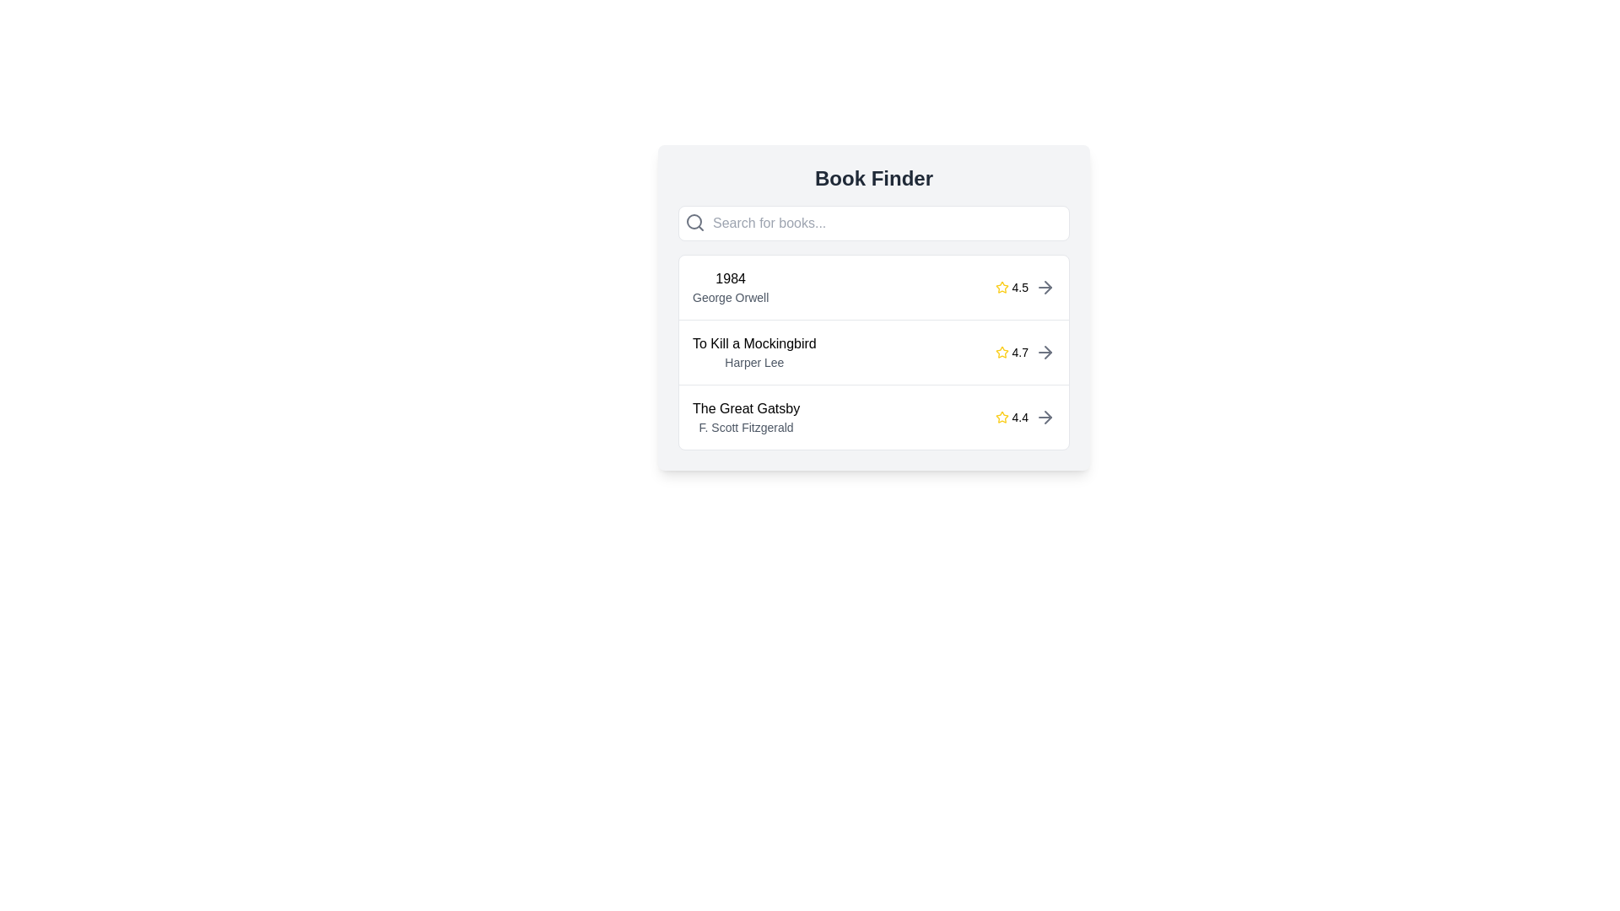 Image resolution: width=1620 pixels, height=911 pixels. I want to click on the rightward arrow icon, which is located at the far right of the book entry for 'The Great Gatsby', so click(1044, 417).